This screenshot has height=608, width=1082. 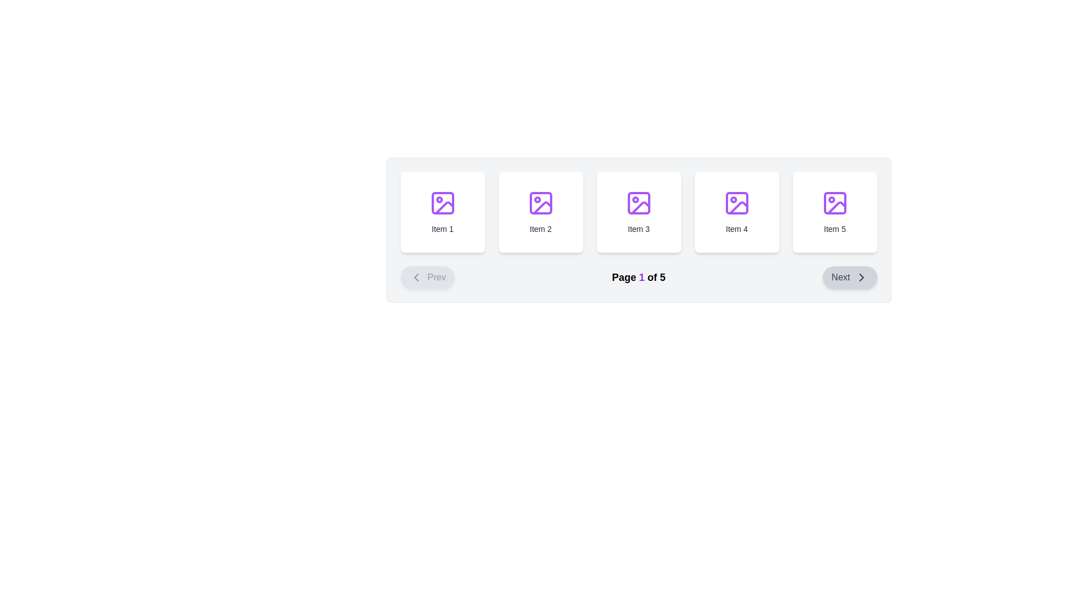 I want to click on the card labeled 'Item 3', which is the third card in a series of five, so click(x=638, y=212).